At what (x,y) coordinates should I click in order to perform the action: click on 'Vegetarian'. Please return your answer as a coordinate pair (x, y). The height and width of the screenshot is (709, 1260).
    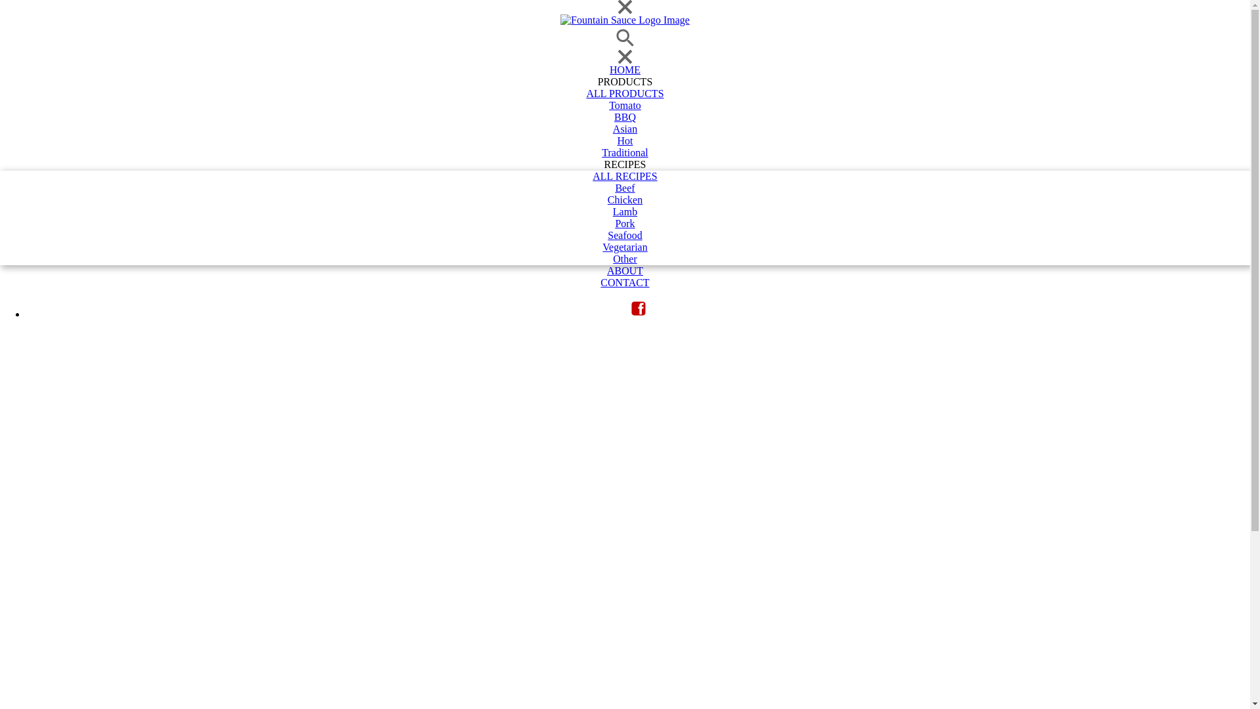
    Looking at the image, I should click on (0, 247).